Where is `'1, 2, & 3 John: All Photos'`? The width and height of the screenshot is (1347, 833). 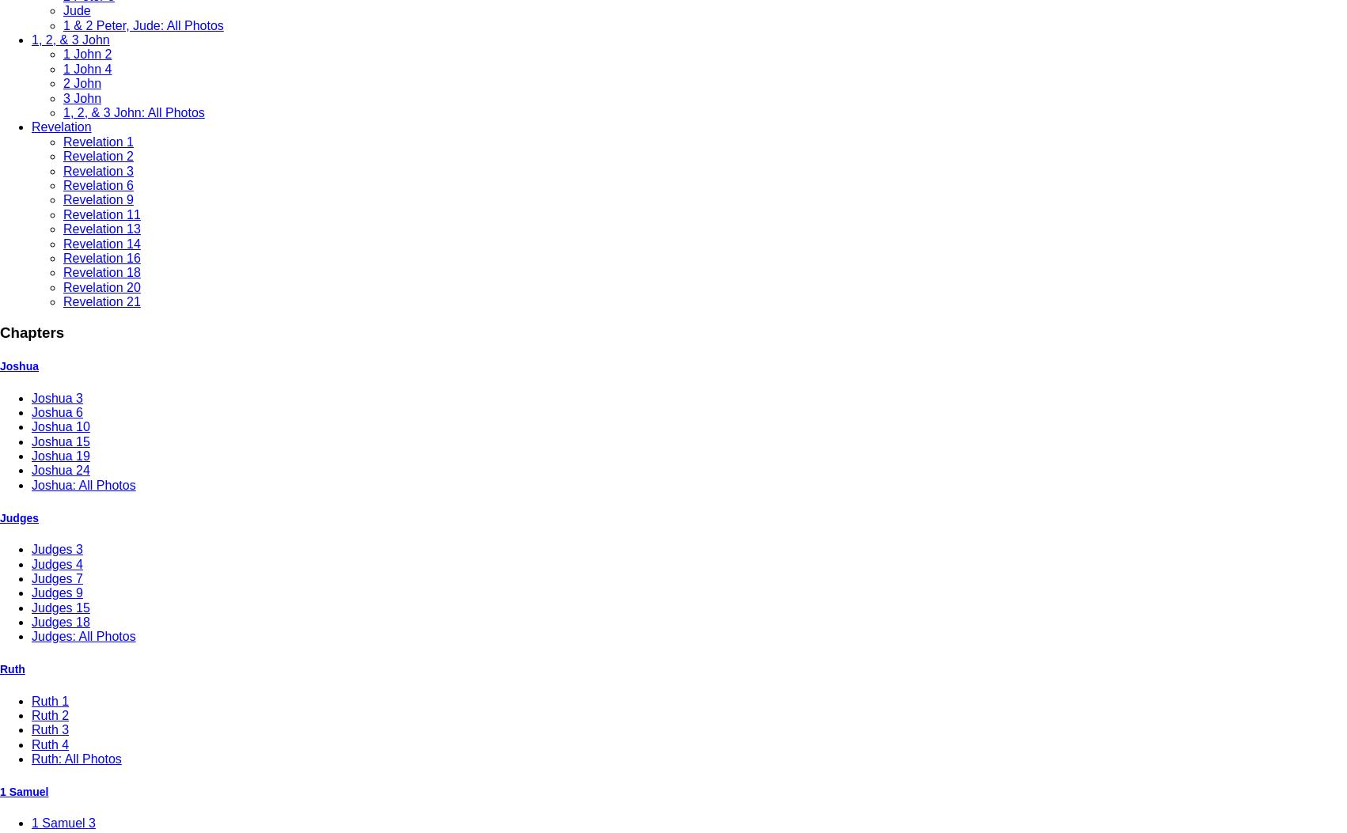
'1, 2, & 3 John: All Photos' is located at coordinates (133, 112).